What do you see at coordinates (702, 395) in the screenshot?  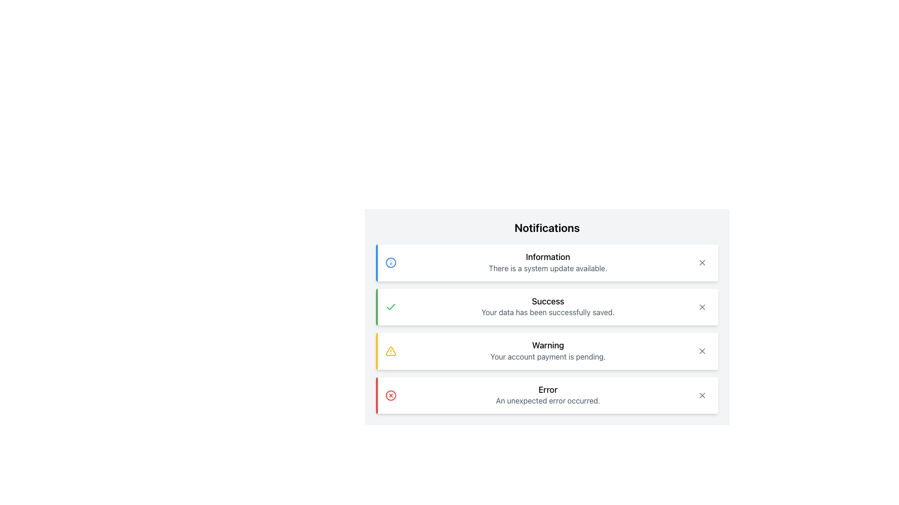 I see `the 'X' icon in the bottom-right corner of the 'Error' notification card` at bounding box center [702, 395].